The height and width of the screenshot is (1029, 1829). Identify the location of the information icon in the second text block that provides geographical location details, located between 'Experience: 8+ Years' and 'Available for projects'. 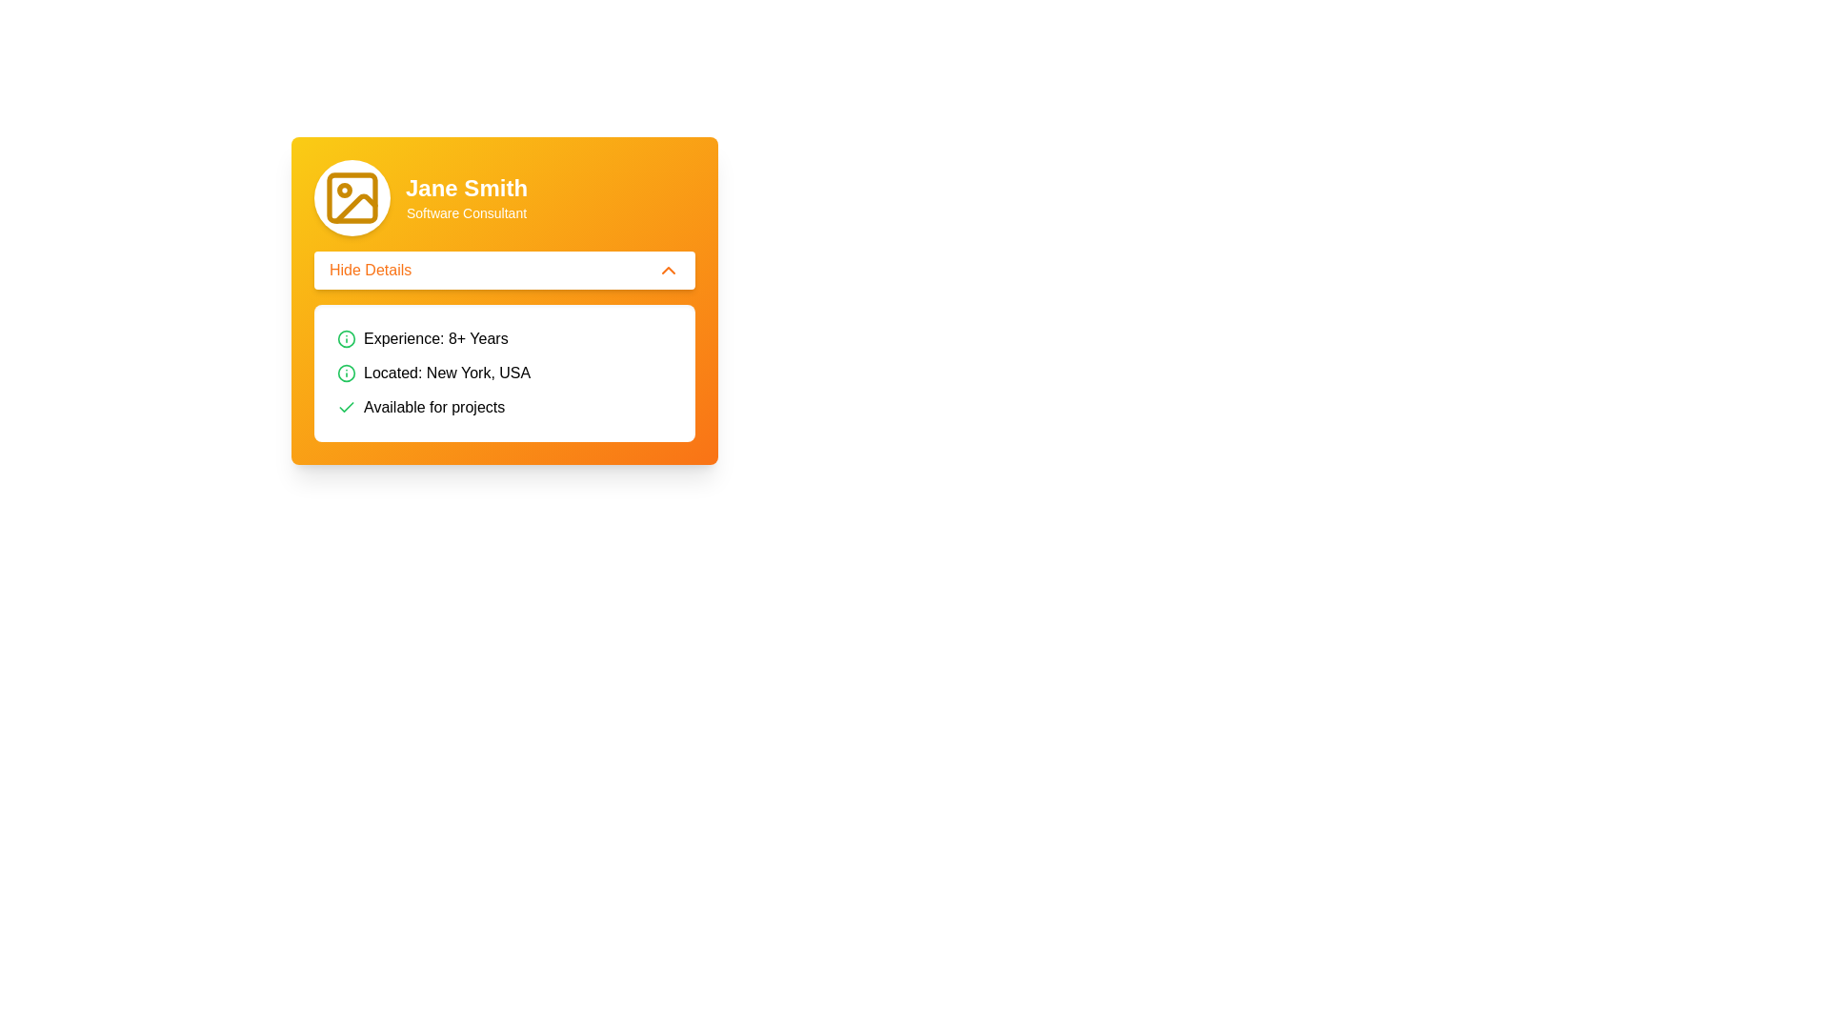
(504, 373).